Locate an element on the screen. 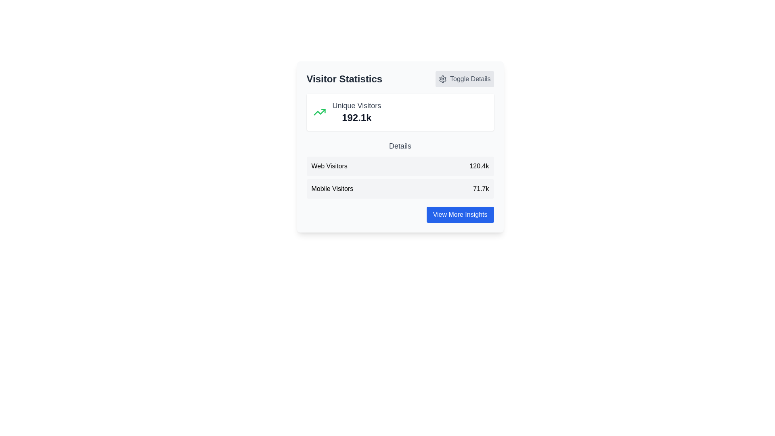 This screenshot has height=436, width=775. displayed value from the Text label that represents the count of unique visitors, located below the 'Unique Visitors' text in the 'Visitor Statistics' panel is located at coordinates (356, 118).